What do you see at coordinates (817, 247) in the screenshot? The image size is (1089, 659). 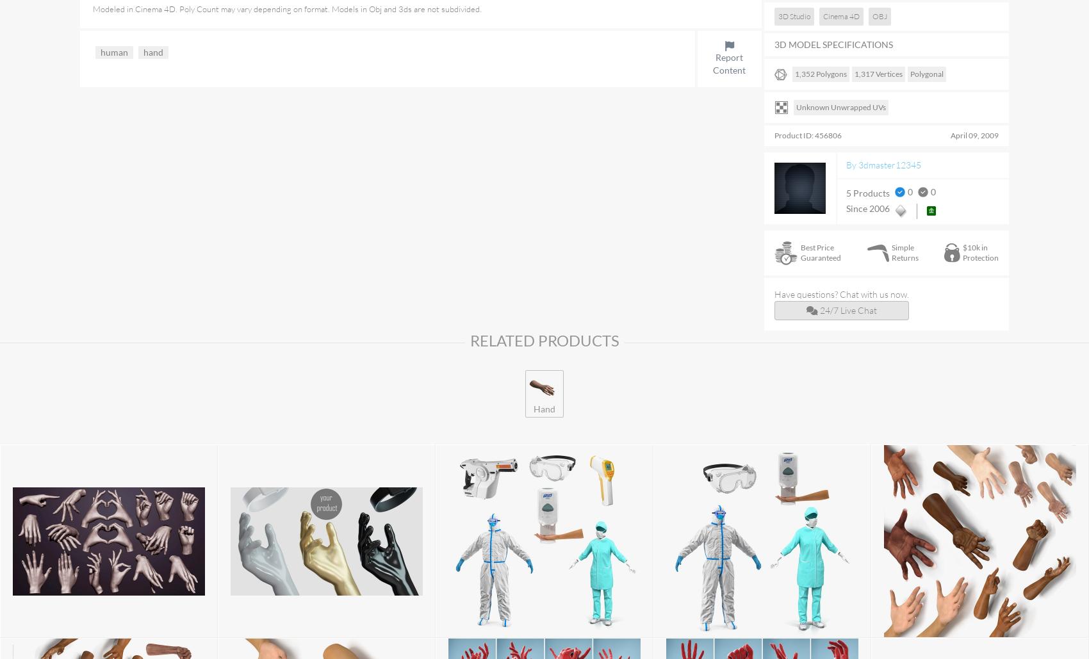 I see `'Best Price'` at bounding box center [817, 247].